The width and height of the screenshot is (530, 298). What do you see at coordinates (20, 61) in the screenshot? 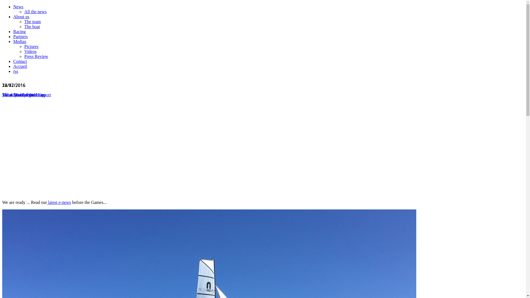
I see `'Contact'` at bounding box center [20, 61].